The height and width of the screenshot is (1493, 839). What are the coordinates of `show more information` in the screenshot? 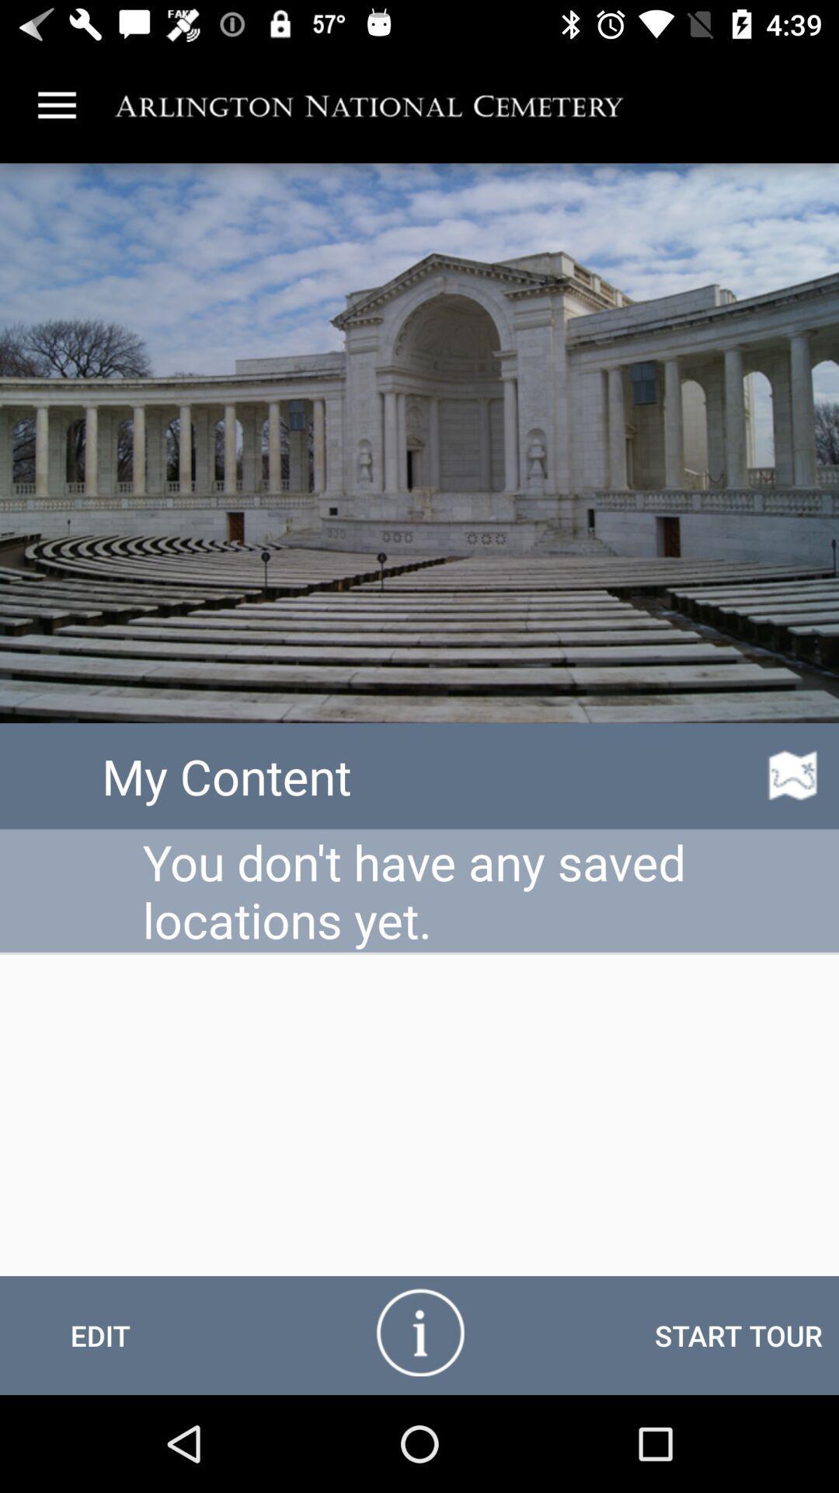 It's located at (419, 1330).